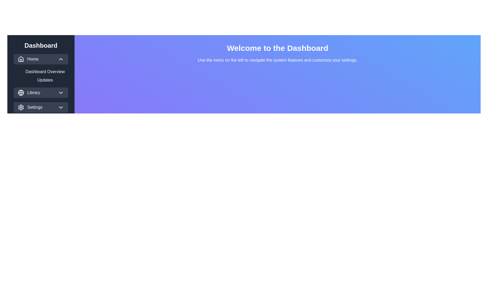 The height and width of the screenshot is (283, 504). What do you see at coordinates (61, 107) in the screenshot?
I see `the chevron icon located to the right of the 'Settings' text in the fourth navigation item of the sidebar menu` at bounding box center [61, 107].